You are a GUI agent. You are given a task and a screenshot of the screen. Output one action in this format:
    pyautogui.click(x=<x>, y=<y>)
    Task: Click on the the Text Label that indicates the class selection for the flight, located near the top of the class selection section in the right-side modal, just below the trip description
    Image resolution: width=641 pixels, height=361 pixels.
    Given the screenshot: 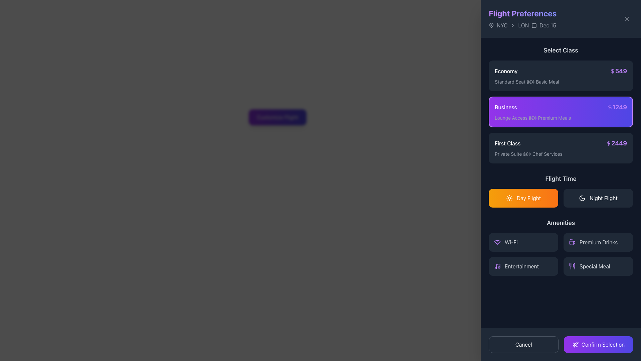 What is the action you would take?
    pyautogui.click(x=561, y=50)
    